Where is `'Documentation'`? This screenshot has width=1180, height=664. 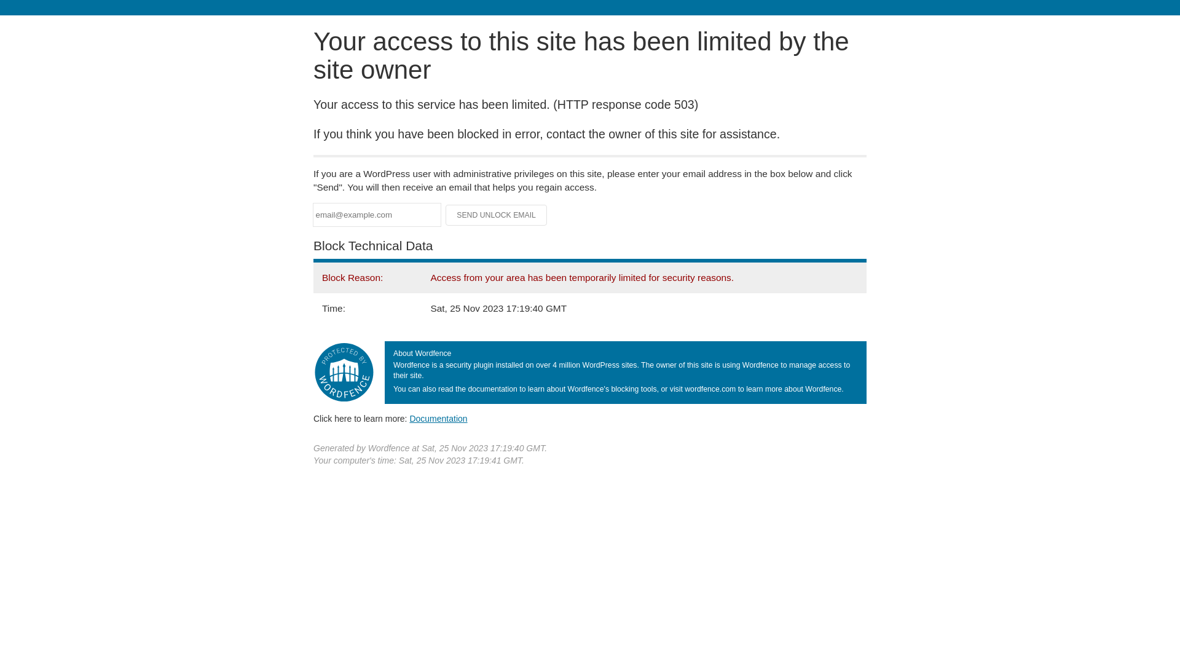 'Documentation' is located at coordinates (438, 418).